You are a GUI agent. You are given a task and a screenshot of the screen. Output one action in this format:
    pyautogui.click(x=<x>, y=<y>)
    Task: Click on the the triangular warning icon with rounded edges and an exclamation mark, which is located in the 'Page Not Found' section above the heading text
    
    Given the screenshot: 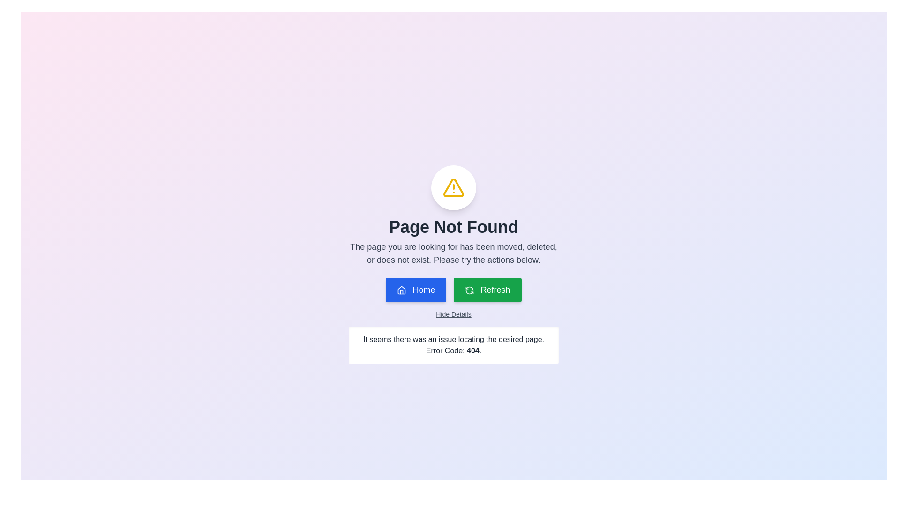 What is the action you would take?
    pyautogui.click(x=454, y=188)
    